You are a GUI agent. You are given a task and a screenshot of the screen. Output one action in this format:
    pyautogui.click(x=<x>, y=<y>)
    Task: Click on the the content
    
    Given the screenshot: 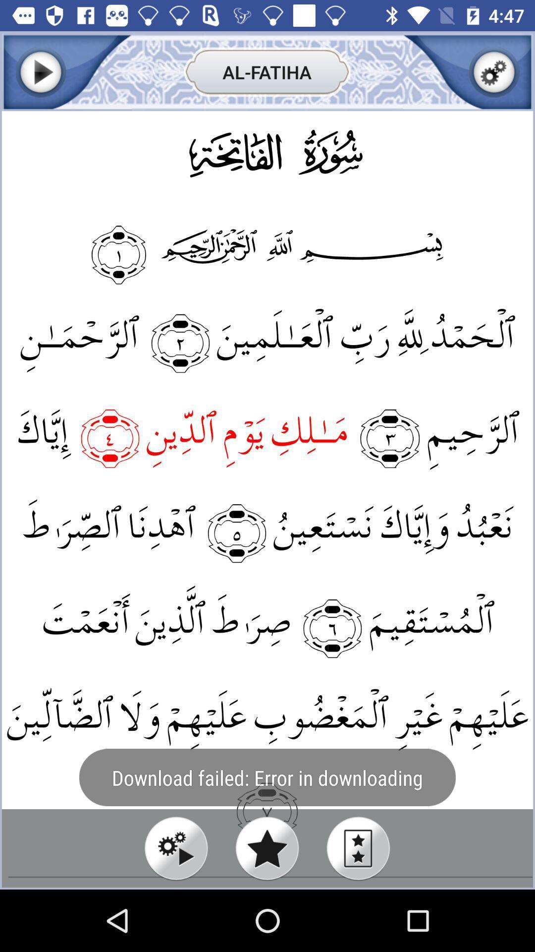 What is the action you would take?
    pyautogui.click(x=494, y=71)
    